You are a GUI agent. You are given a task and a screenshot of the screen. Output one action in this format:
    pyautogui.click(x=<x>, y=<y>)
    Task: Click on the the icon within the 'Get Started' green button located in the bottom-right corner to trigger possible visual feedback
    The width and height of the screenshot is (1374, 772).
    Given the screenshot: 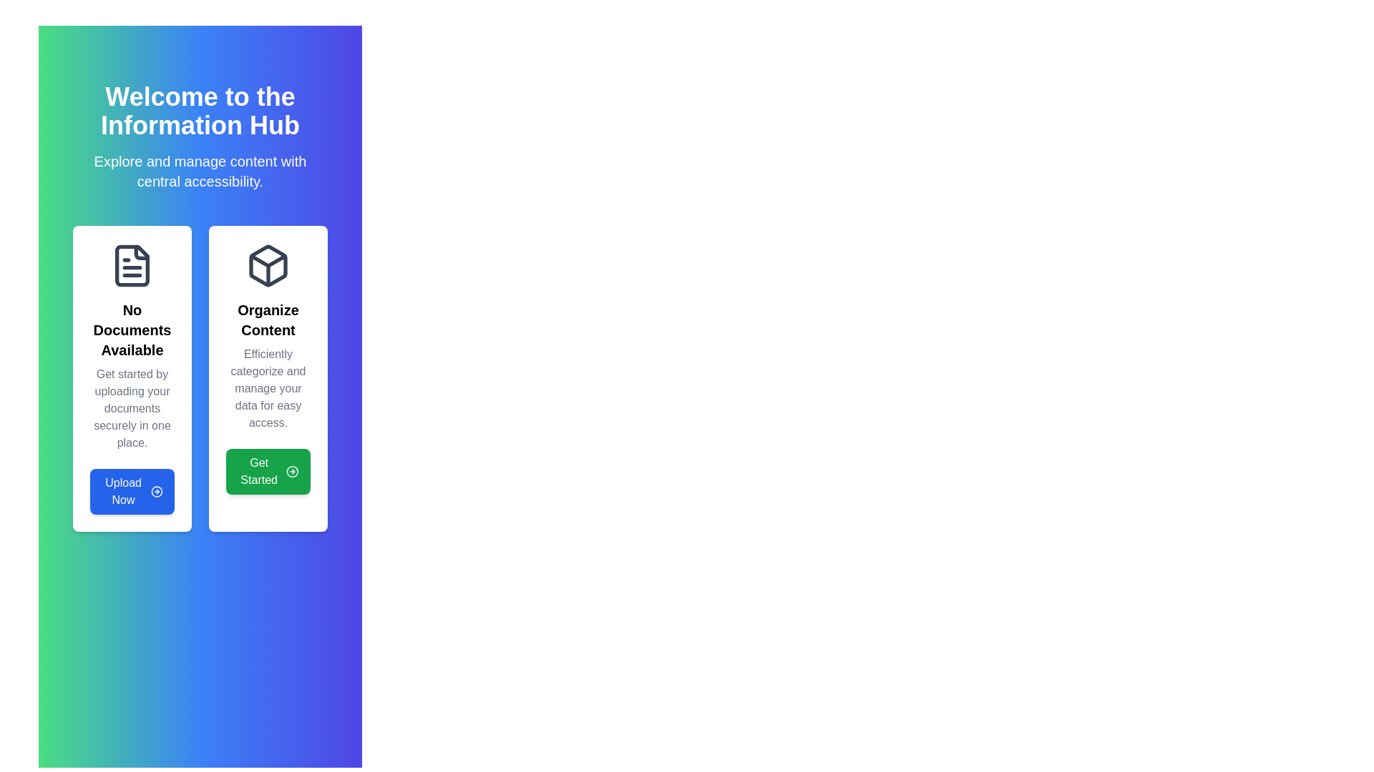 What is the action you would take?
    pyautogui.click(x=292, y=471)
    